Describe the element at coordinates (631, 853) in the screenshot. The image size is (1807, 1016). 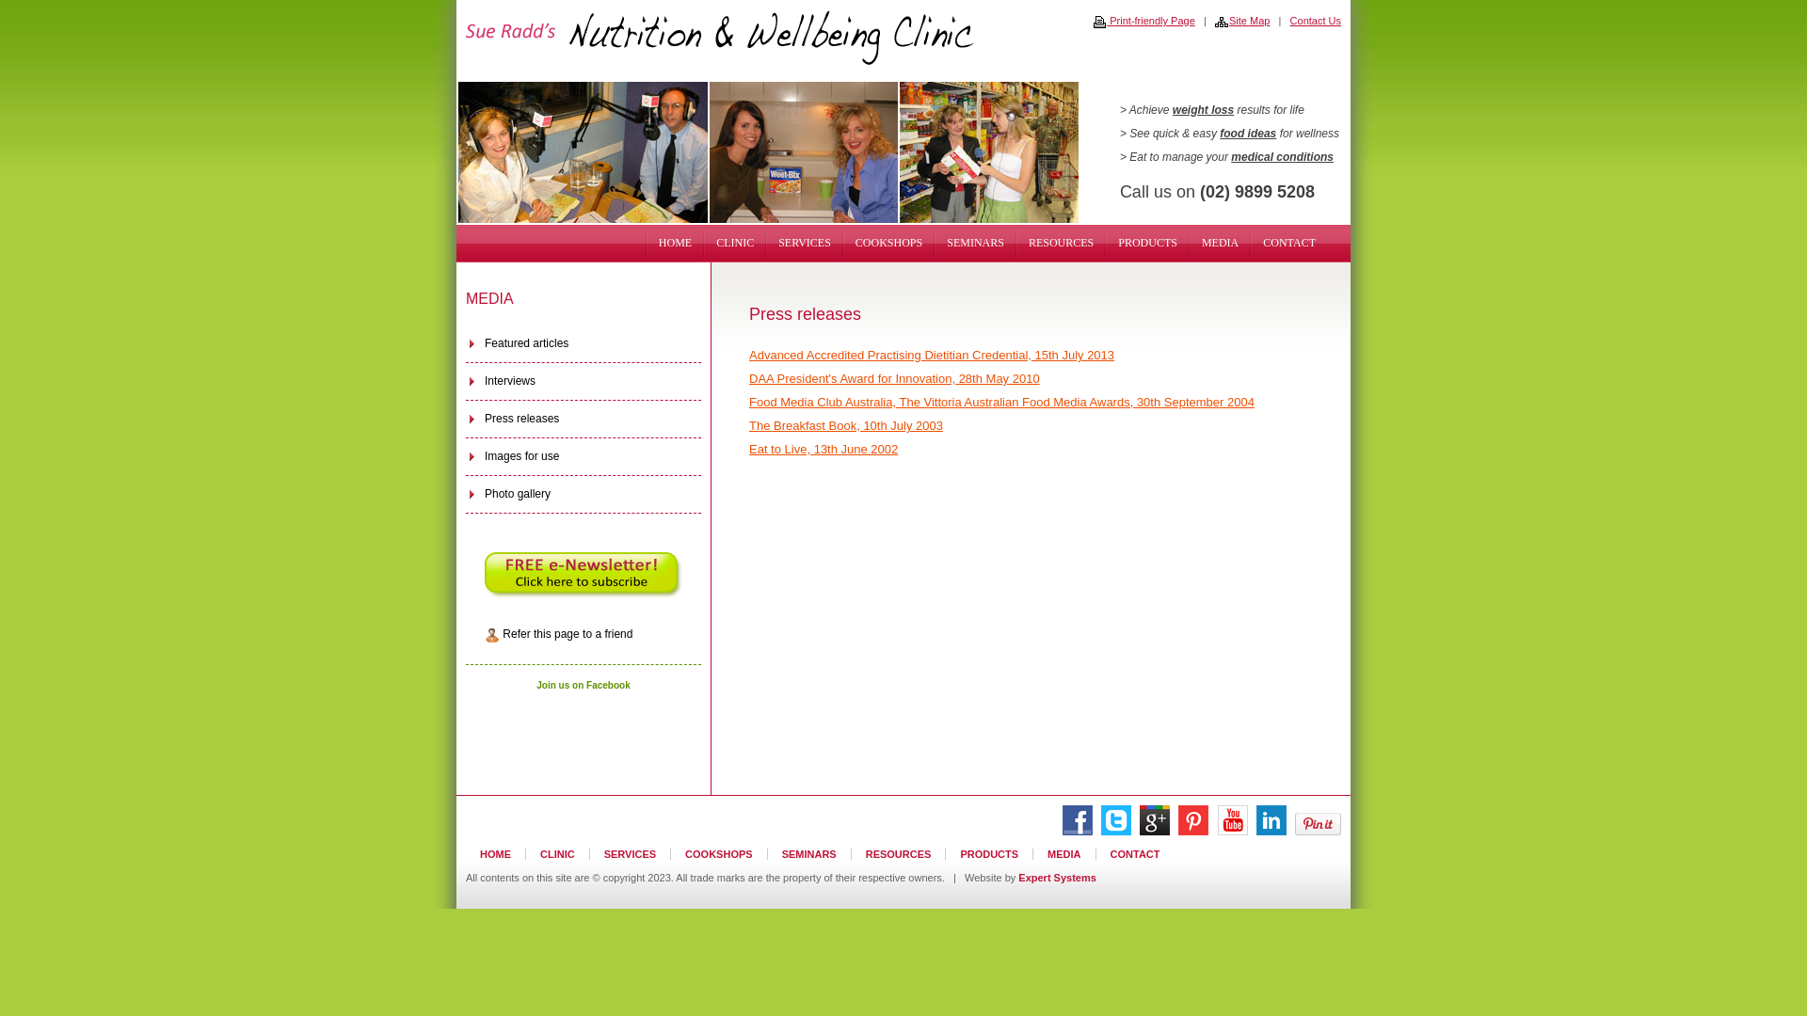
I see `'SERVICES'` at that location.